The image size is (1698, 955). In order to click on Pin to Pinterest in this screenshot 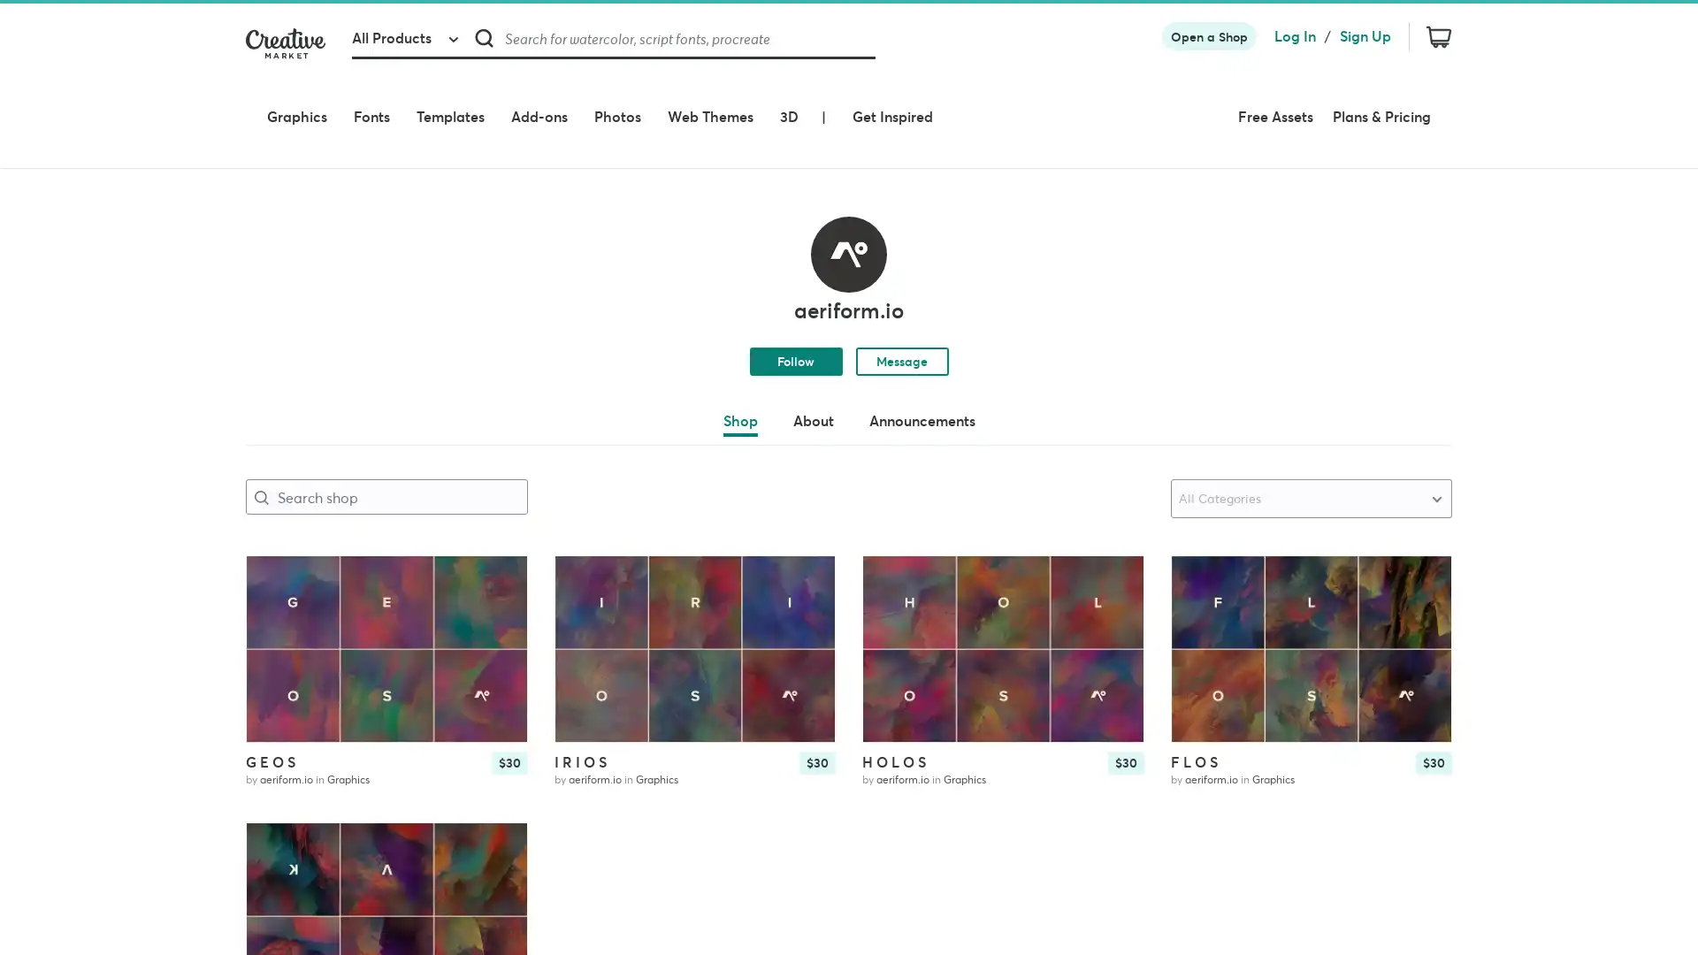, I will do `click(274, 520)`.